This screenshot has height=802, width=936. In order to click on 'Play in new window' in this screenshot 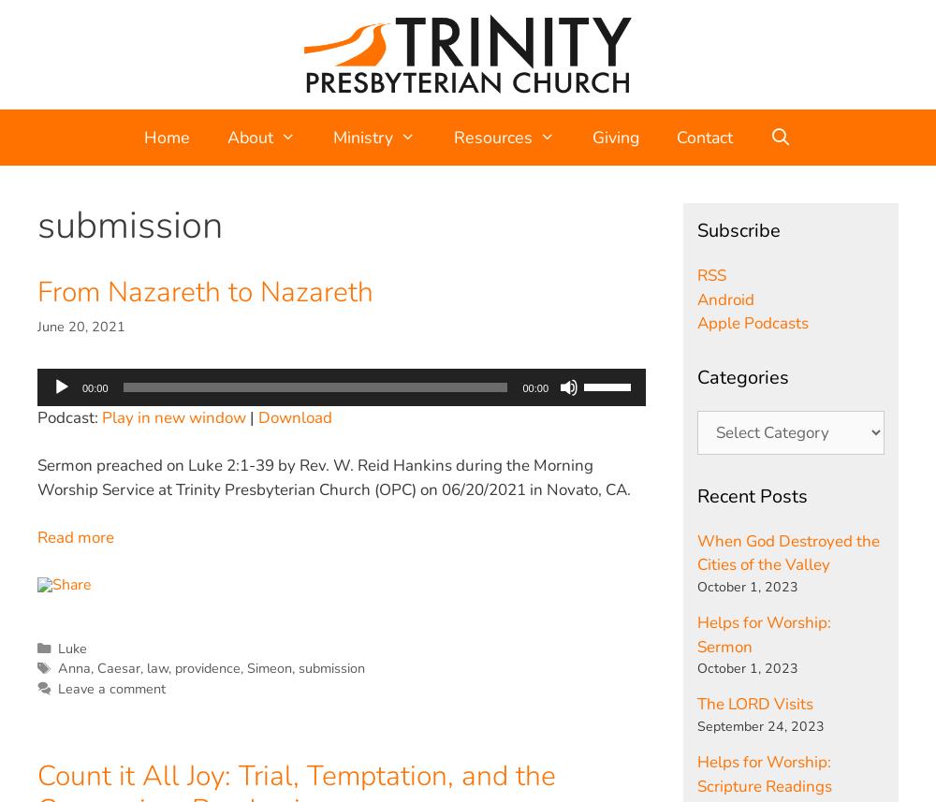, I will do `click(174, 416)`.